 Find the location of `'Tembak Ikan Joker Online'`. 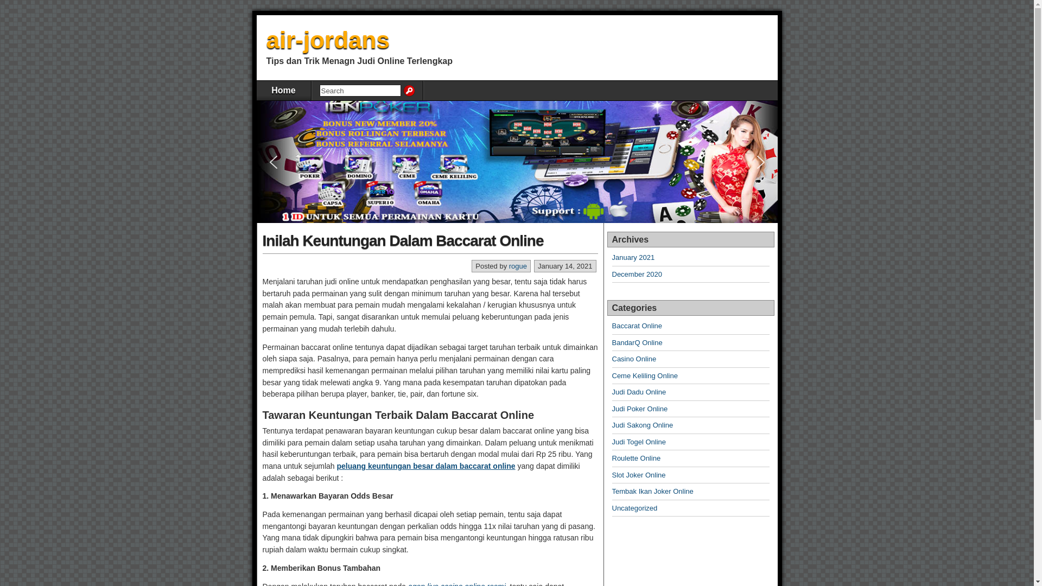

'Tembak Ikan Joker Online' is located at coordinates (652, 491).